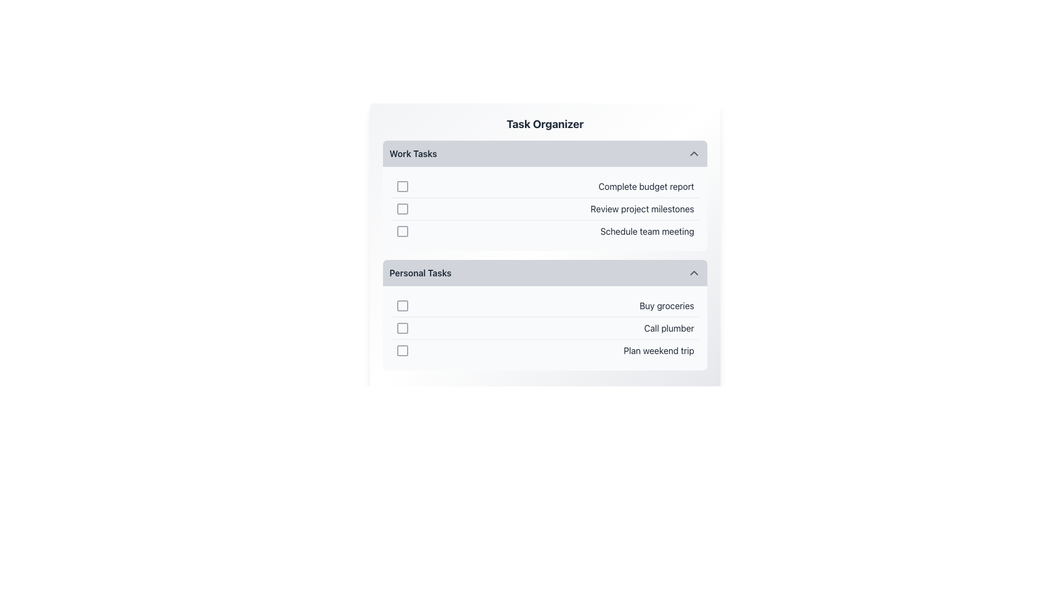 This screenshot has width=1052, height=591. What do you see at coordinates (402, 208) in the screenshot?
I see `the second checkbox in the 'Work Tasks' section, which is located between the first checkbox labeled 'Complete budget report' and the third checkbox labeled 'Schedule team meeting'` at bounding box center [402, 208].